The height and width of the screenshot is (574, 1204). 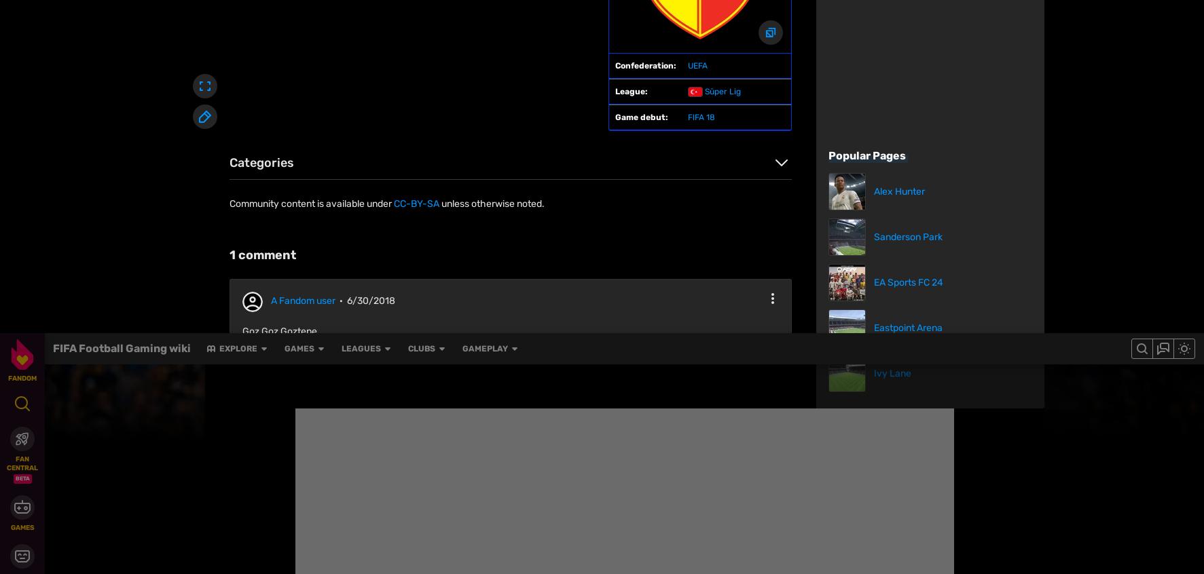 What do you see at coordinates (287, 135) in the screenshot?
I see `'Shonan Bellmare'` at bounding box center [287, 135].